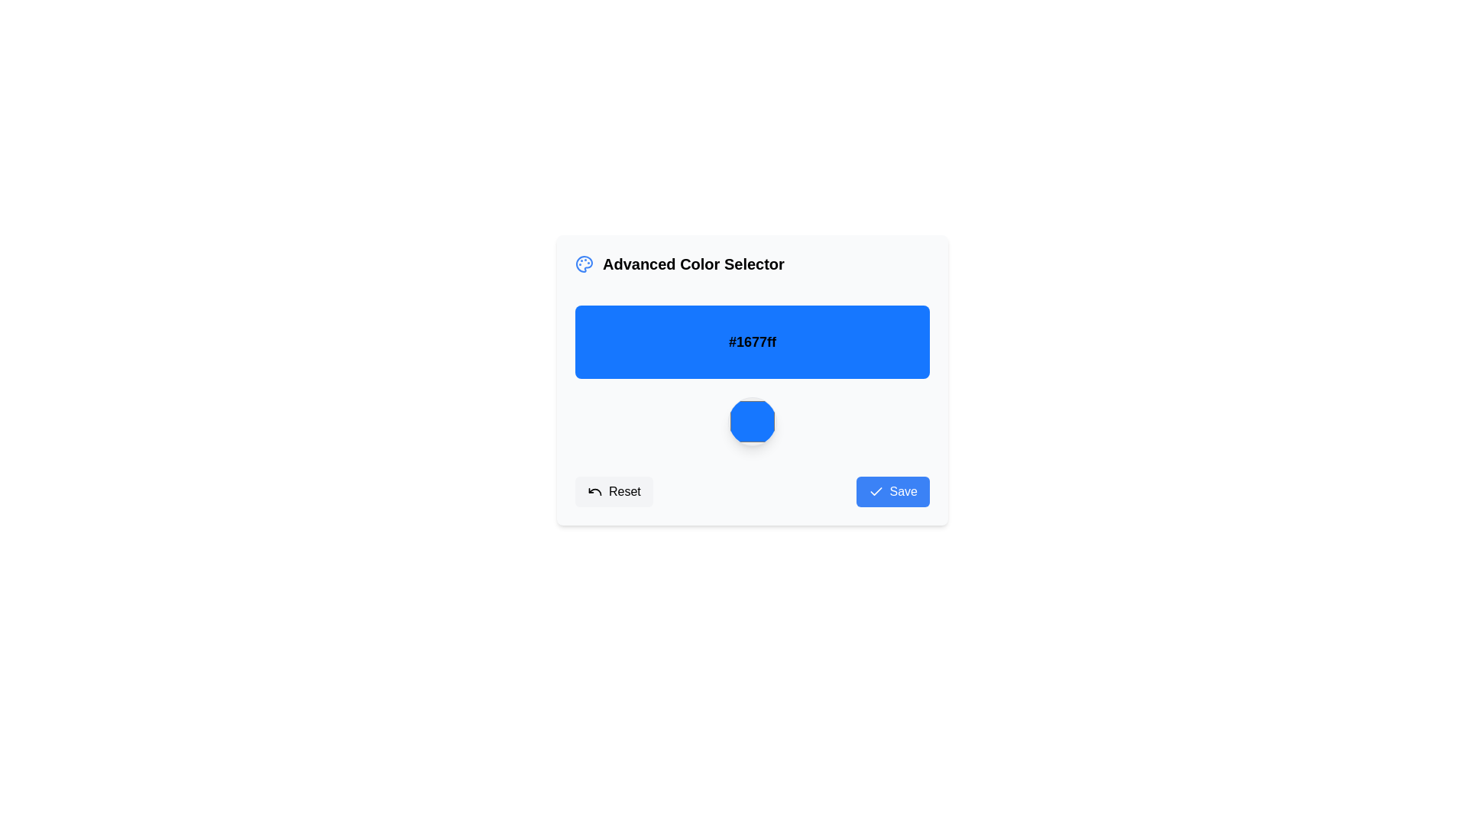 The height and width of the screenshot is (825, 1467). What do you see at coordinates (752, 379) in the screenshot?
I see `the color selection card in the center of the 'Advanced Color Selector' interface to interact with the color display` at bounding box center [752, 379].